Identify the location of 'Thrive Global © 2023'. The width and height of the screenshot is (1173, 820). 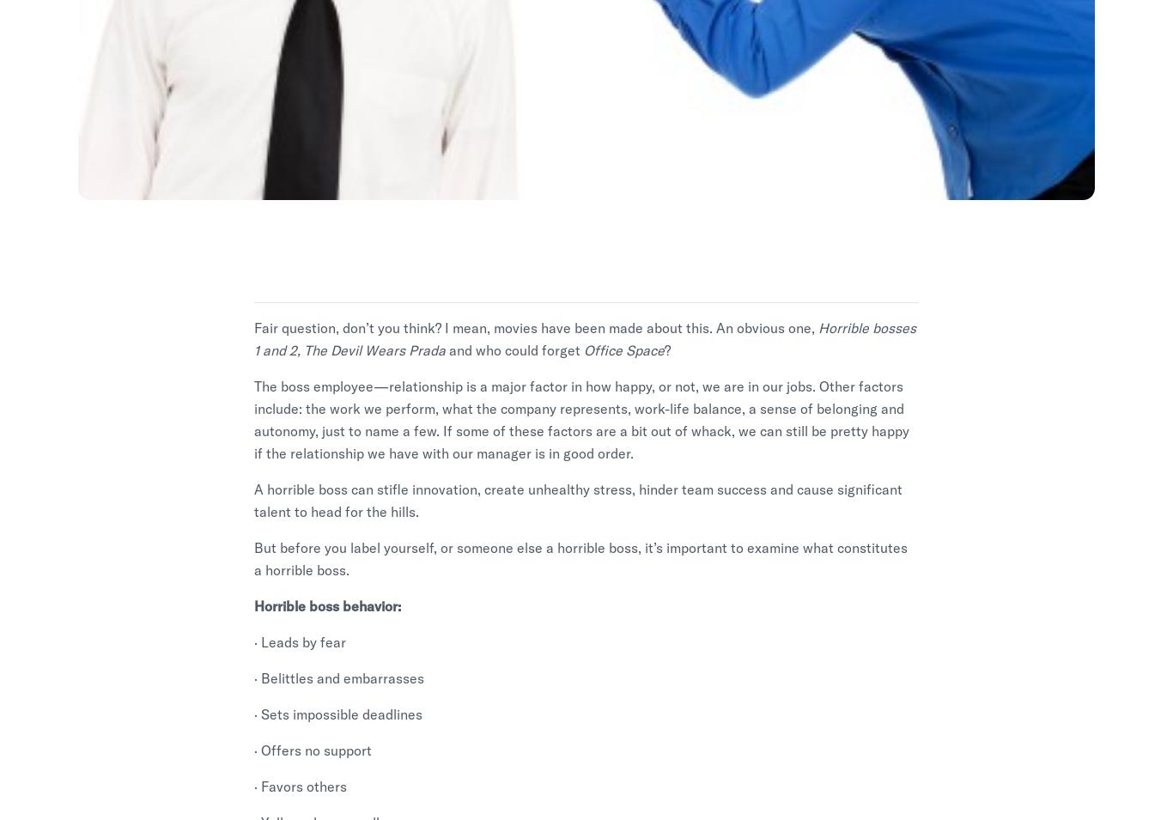
(338, 805).